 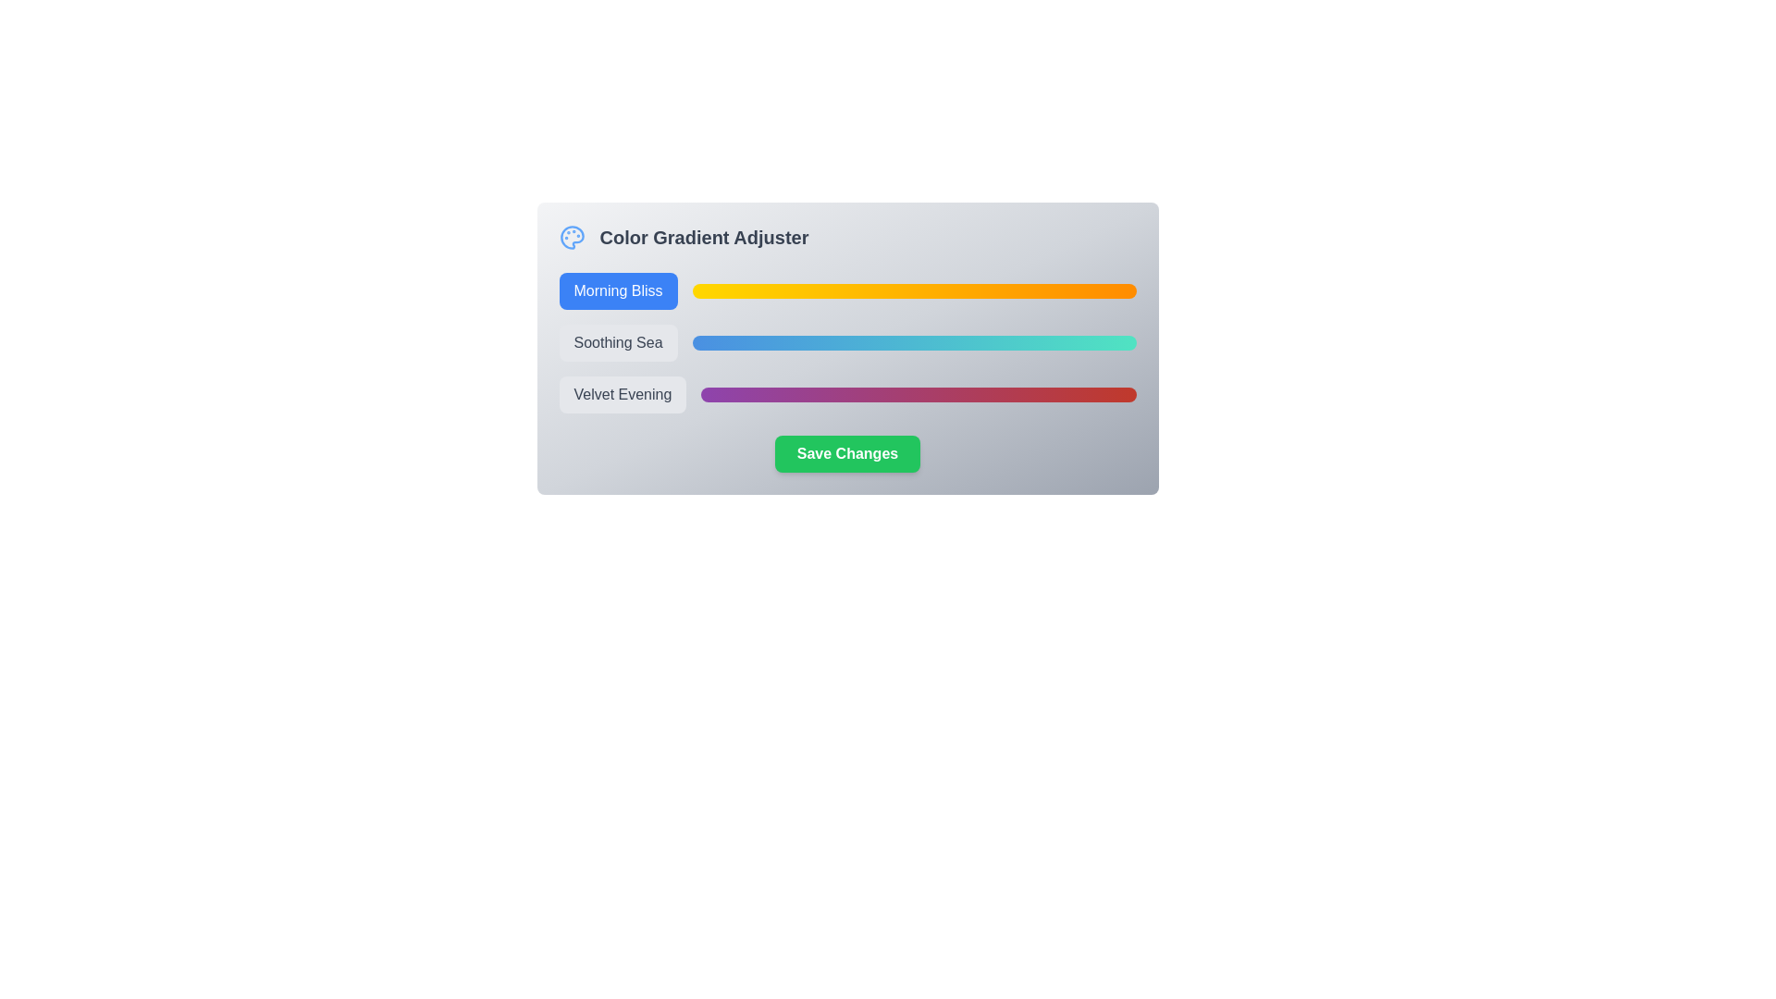 What do you see at coordinates (919, 394) in the screenshot?
I see `the gradient preview bar associated with Velvet Evening to observe its gradient` at bounding box center [919, 394].